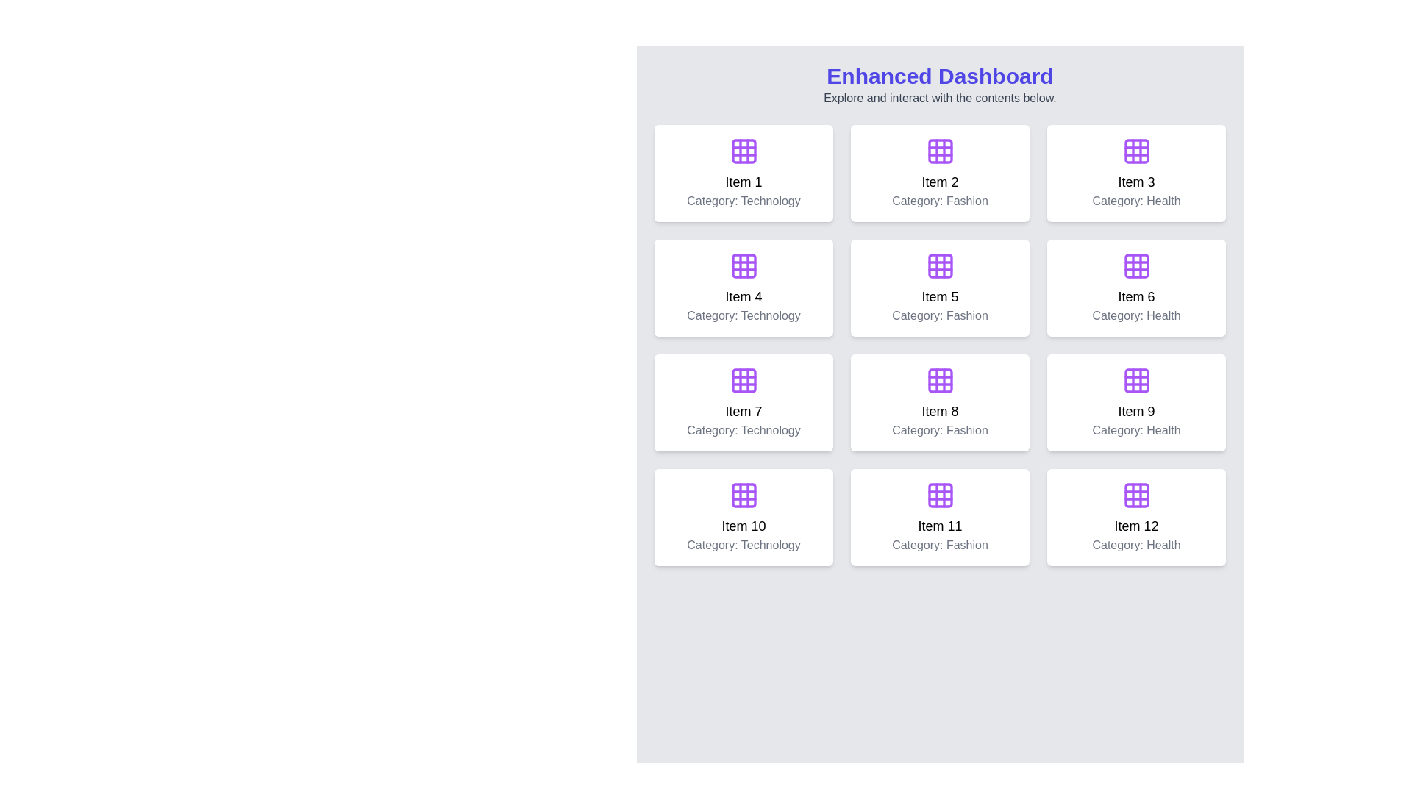 The width and height of the screenshot is (1412, 794). Describe the element at coordinates (744, 517) in the screenshot. I see `the Card element labeled 'Item 10' in the Technology category` at that location.